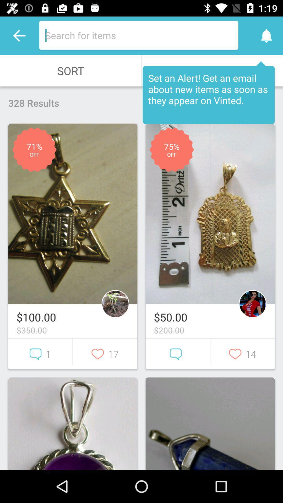 This screenshot has height=503, width=283. Describe the element at coordinates (210, 424) in the screenshot. I see `right side corner box` at that location.